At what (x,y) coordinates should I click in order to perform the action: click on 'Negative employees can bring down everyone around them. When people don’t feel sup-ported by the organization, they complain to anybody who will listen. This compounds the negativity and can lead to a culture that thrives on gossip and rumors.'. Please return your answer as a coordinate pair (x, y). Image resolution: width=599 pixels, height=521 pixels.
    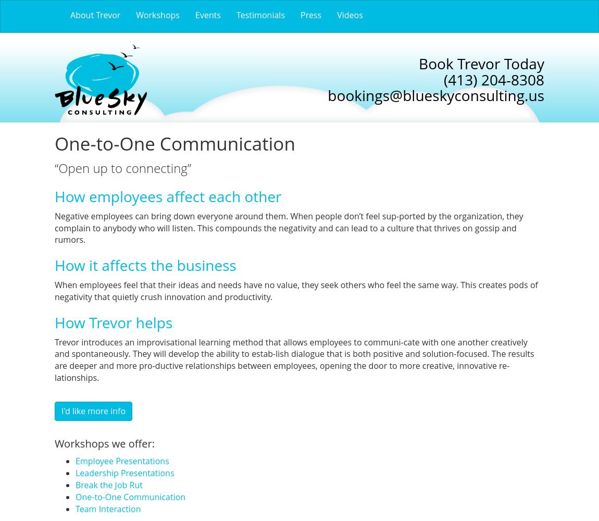
    Looking at the image, I should click on (289, 228).